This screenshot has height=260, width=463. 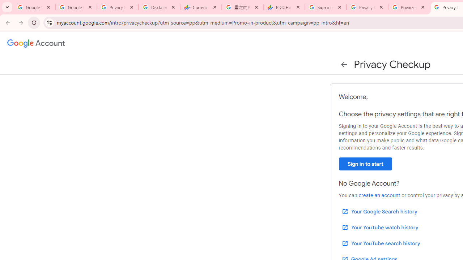 I want to click on 'Sign in to start', so click(x=365, y=164).